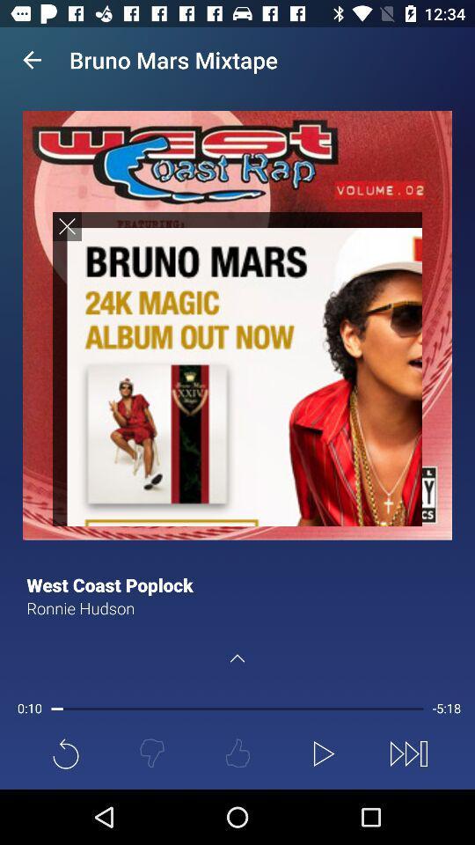 This screenshot has width=475, height=845. What do you see at coordinates (322, 753) in the screenshot?
I see `the play icon` at bounding box center [322, 753].